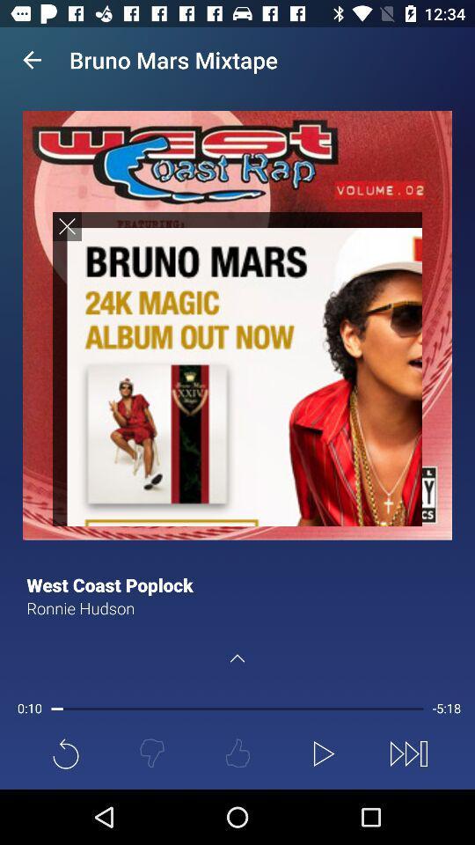 This screenshot has width=475, height=845. What do you see at coordinates (322, 753) in the screenshot?
I see `the play icon` at bounding box center [322, 753].